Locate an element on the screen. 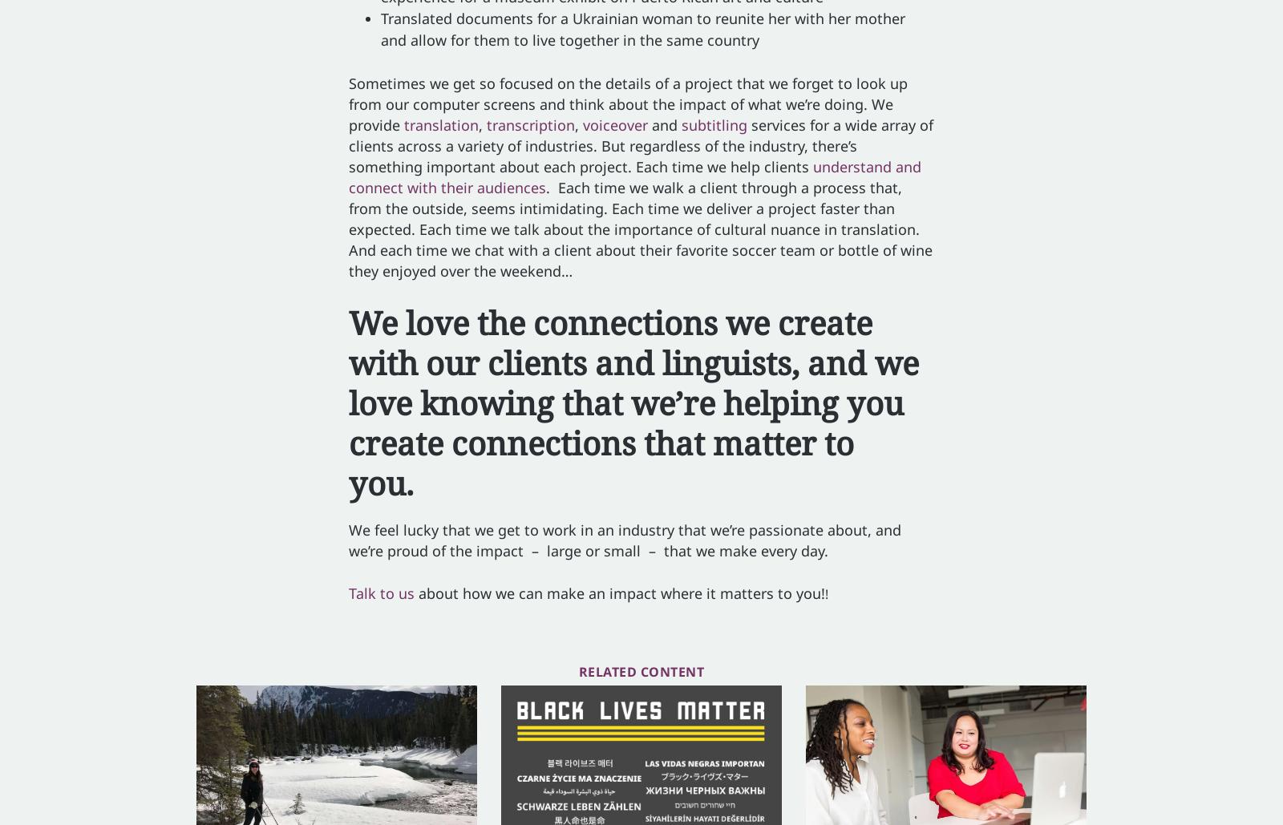 The width and height of the screenshot is (1283, 825). 'understand and connect with their audiences' is located at coordinates (635, 176).